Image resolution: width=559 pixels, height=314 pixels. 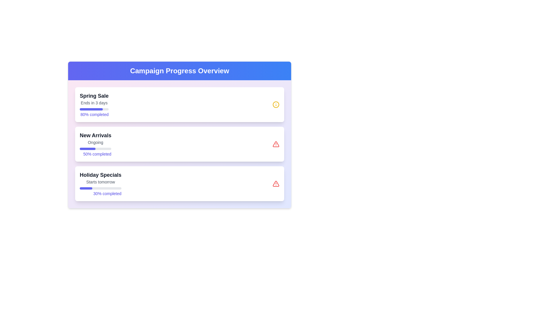 What do you see at coordinates (100, 174) in the screenshot?
I see `the Text label that serves as the title for the 'Holiday Specials' campaign section, which is located at the top of the third campaign card` at bounding box center [100, 174].